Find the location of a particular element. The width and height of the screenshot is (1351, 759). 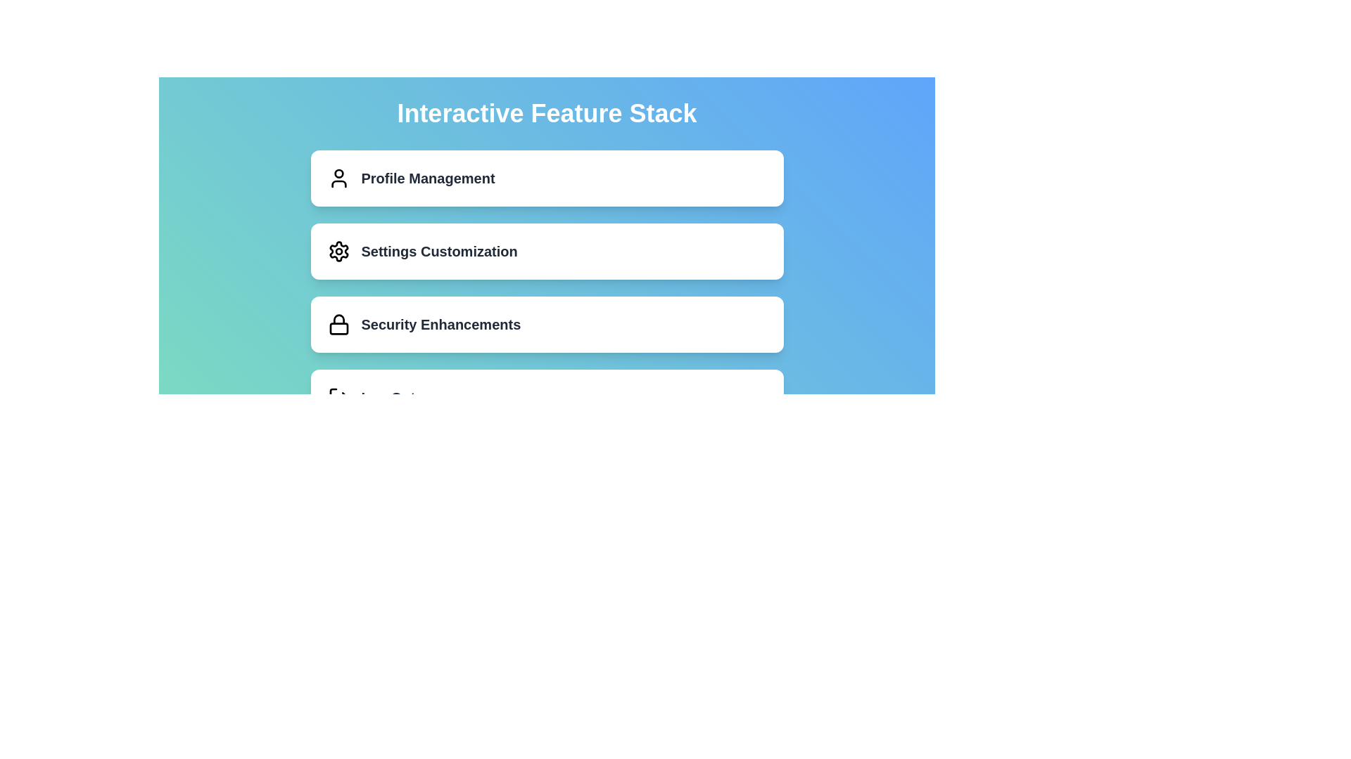

the second card in the vertical list of clickable cards is located at coordinates (546, 287).